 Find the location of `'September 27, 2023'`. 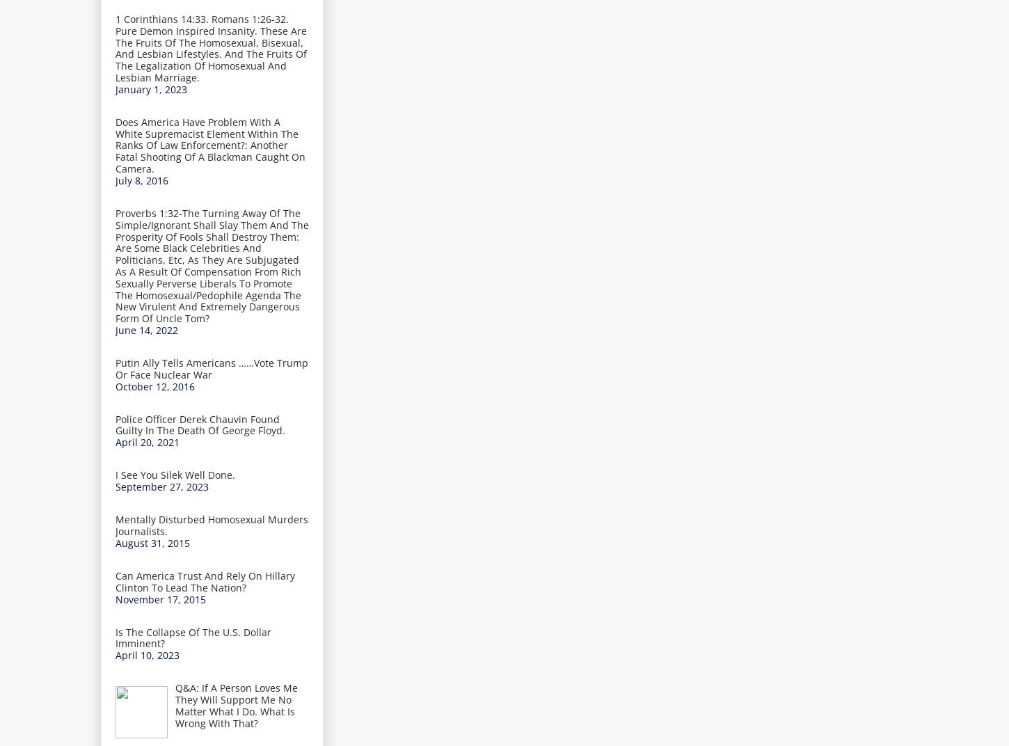

'September 27, 2023' is located at coordinates (161, 486).